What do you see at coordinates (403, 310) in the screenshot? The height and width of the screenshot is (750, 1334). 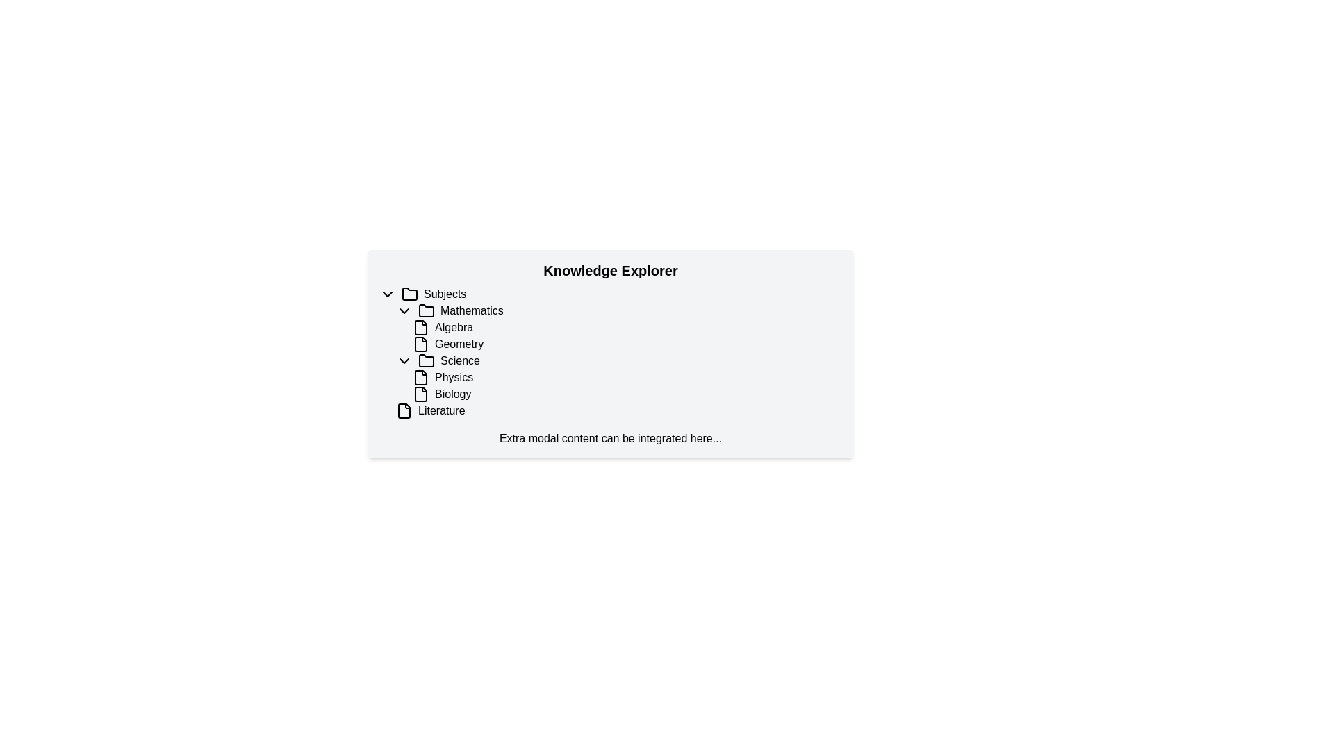 I see `the downward arrow-shaped icon next to the word 'Mathematics' in the navigation tree under the 'Subjects' section` at bounding box center [403, 310].